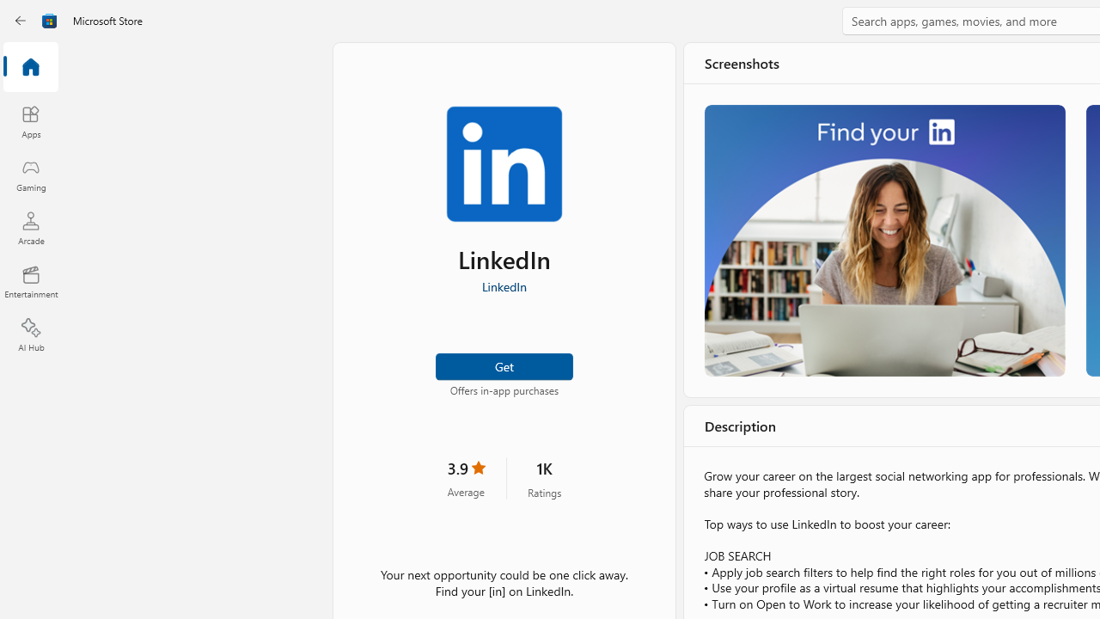 The image size is (1100, 619). Describe the element at coordinates (30, 120) in the screenshot. I see `'Apps'` at that location.